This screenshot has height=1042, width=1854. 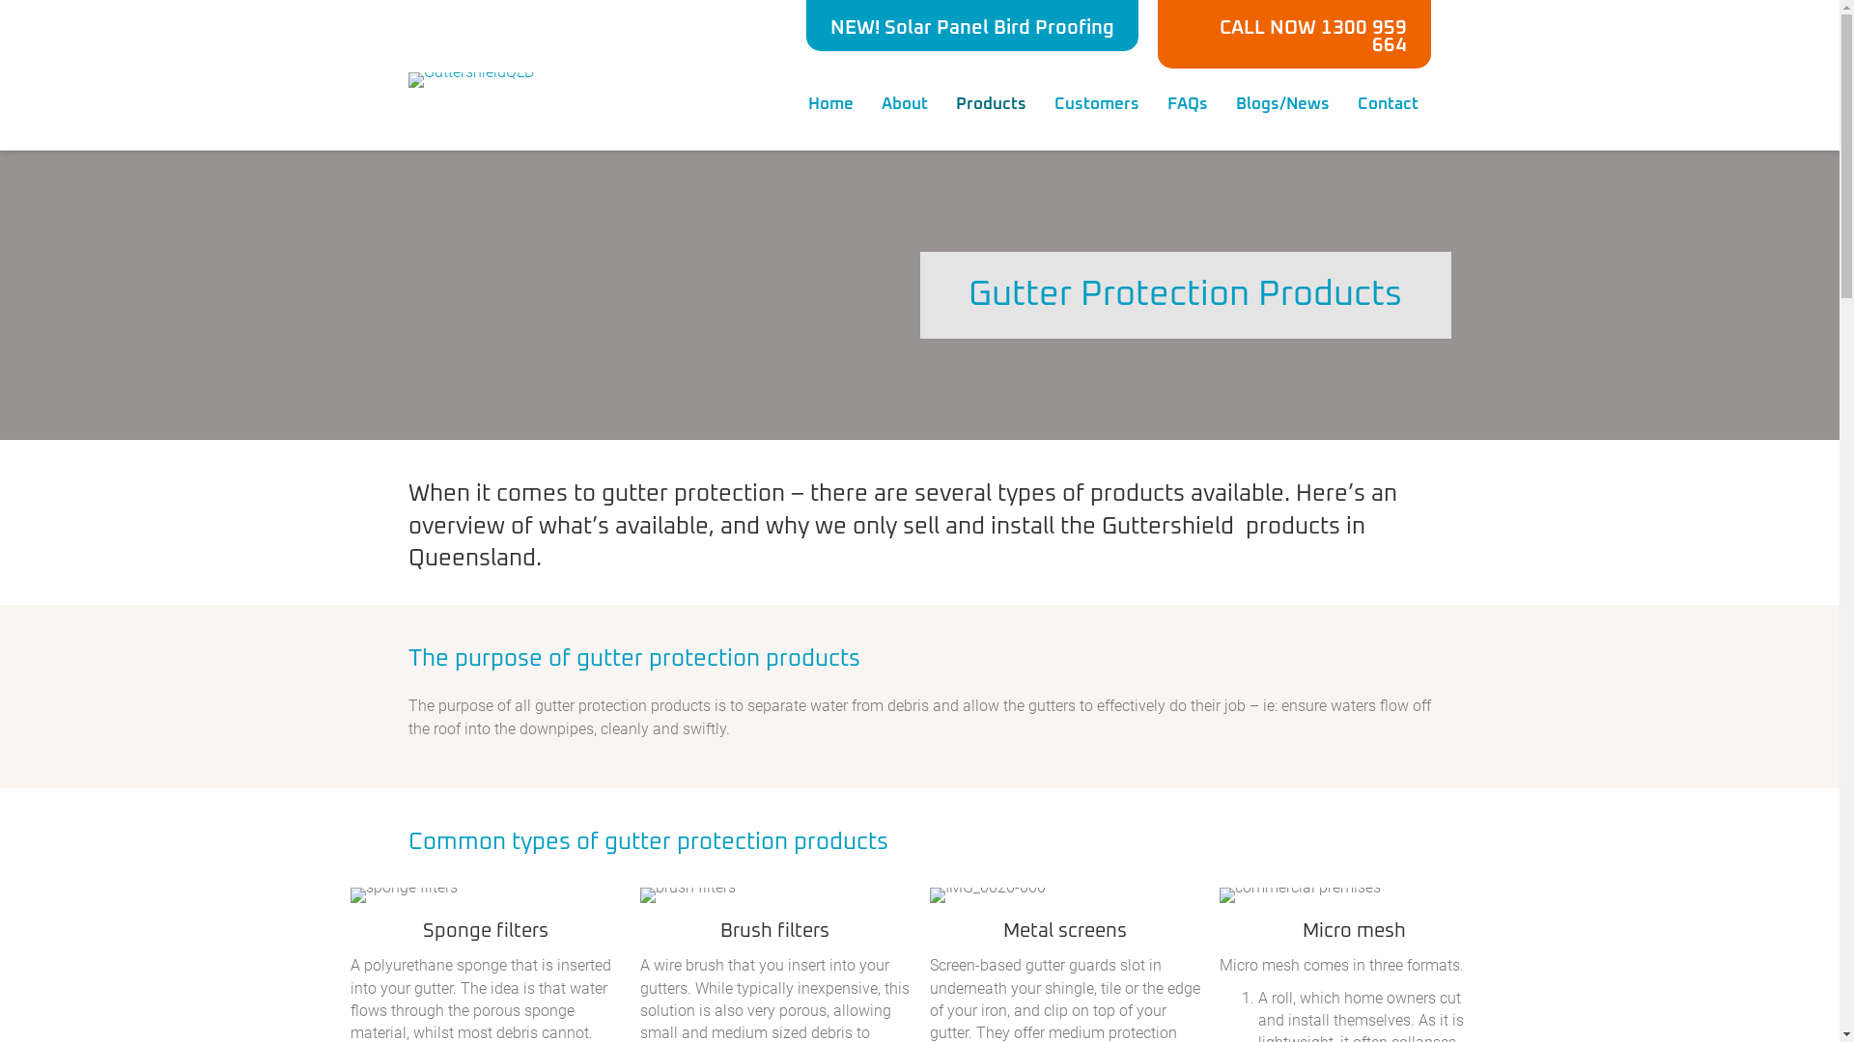 I want to click on 'GuttershieldQLD', so click(x=407, y=79).